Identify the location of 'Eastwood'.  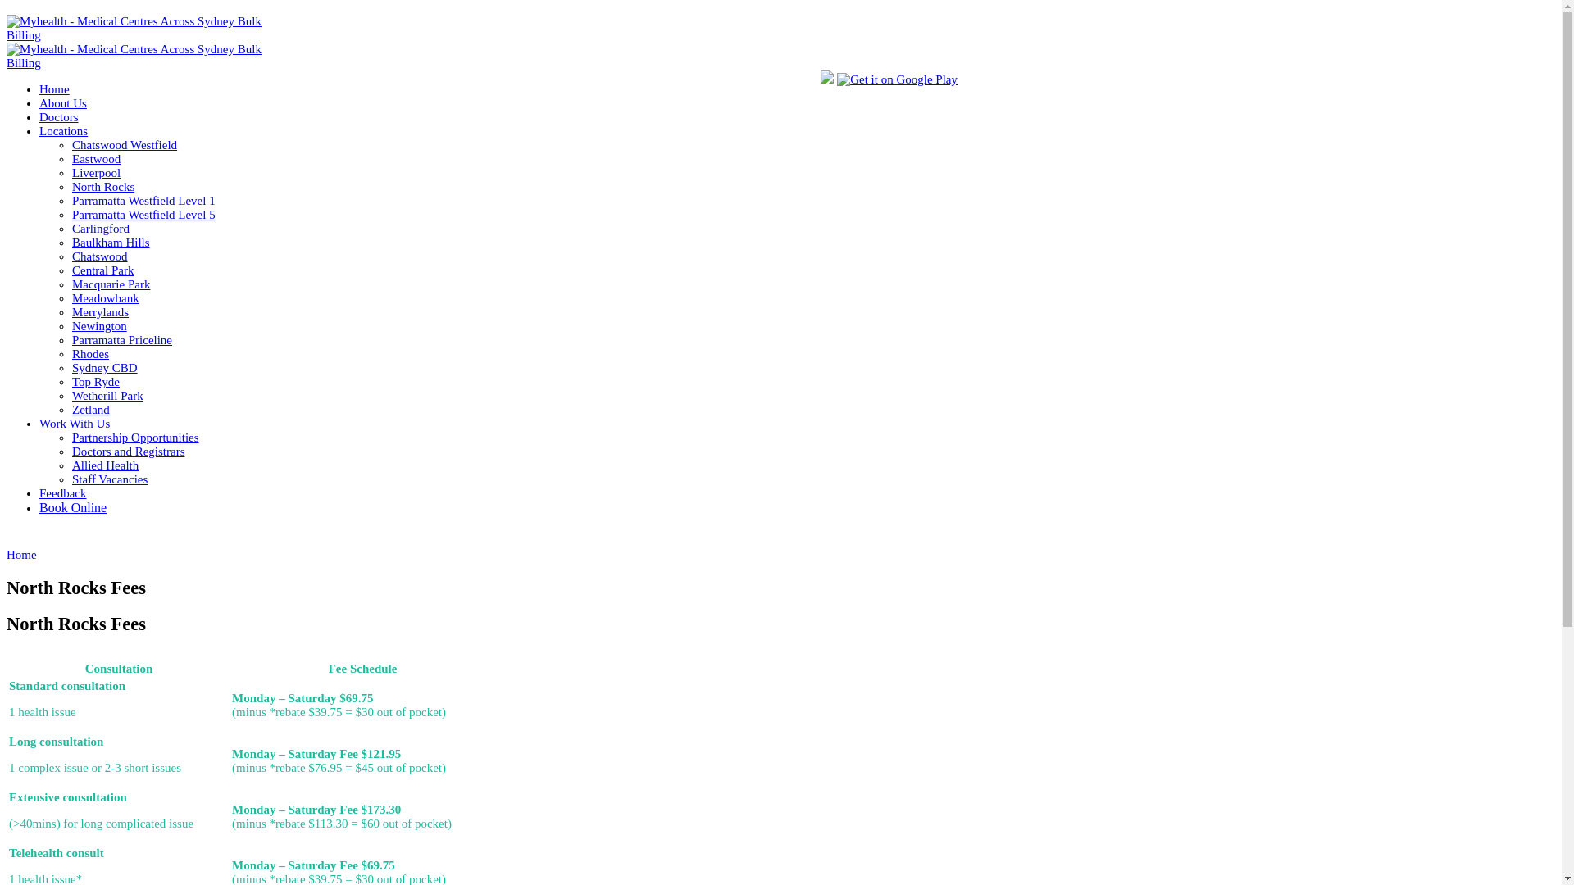
(95, 158).